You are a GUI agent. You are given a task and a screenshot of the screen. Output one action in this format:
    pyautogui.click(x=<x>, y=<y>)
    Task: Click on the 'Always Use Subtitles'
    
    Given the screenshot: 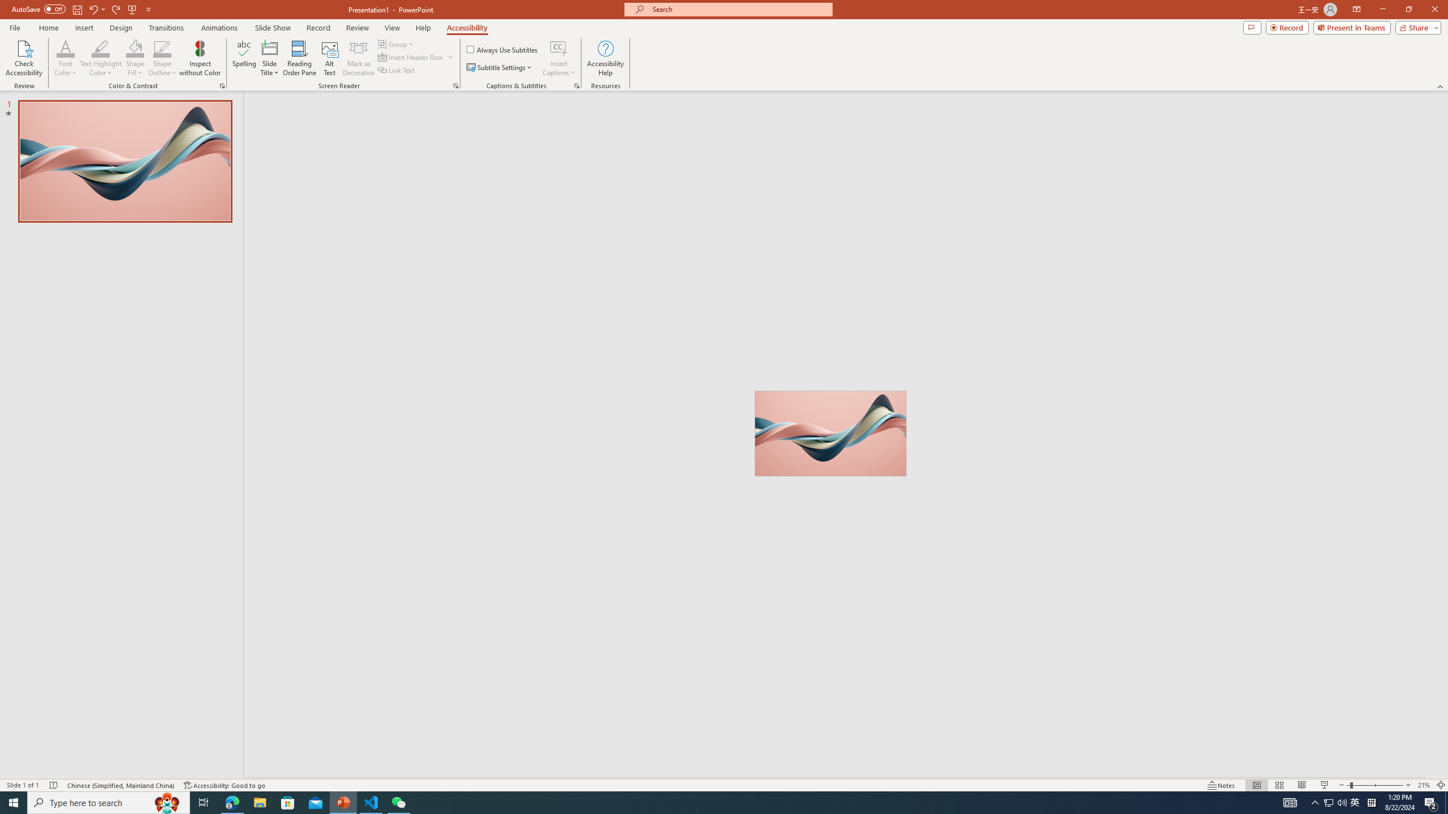 What is the action you would take?
    pyautogui.click(x=502, y=49)
    